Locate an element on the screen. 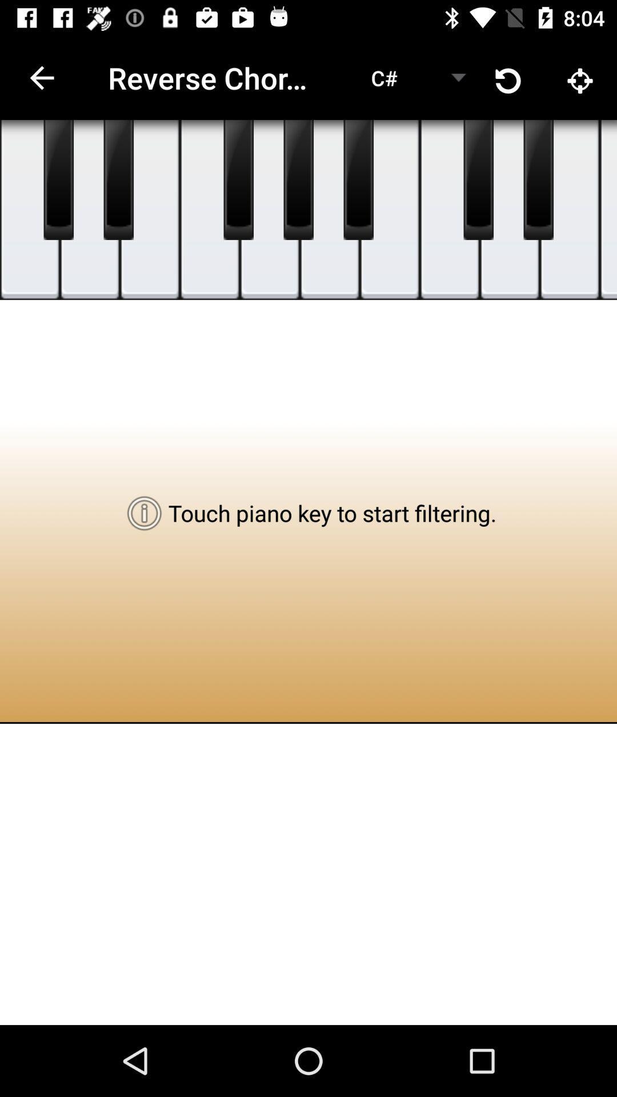 The width and height of the screenshot is (617, 1097). the icon below c# item is located at coordinates (330, 210).